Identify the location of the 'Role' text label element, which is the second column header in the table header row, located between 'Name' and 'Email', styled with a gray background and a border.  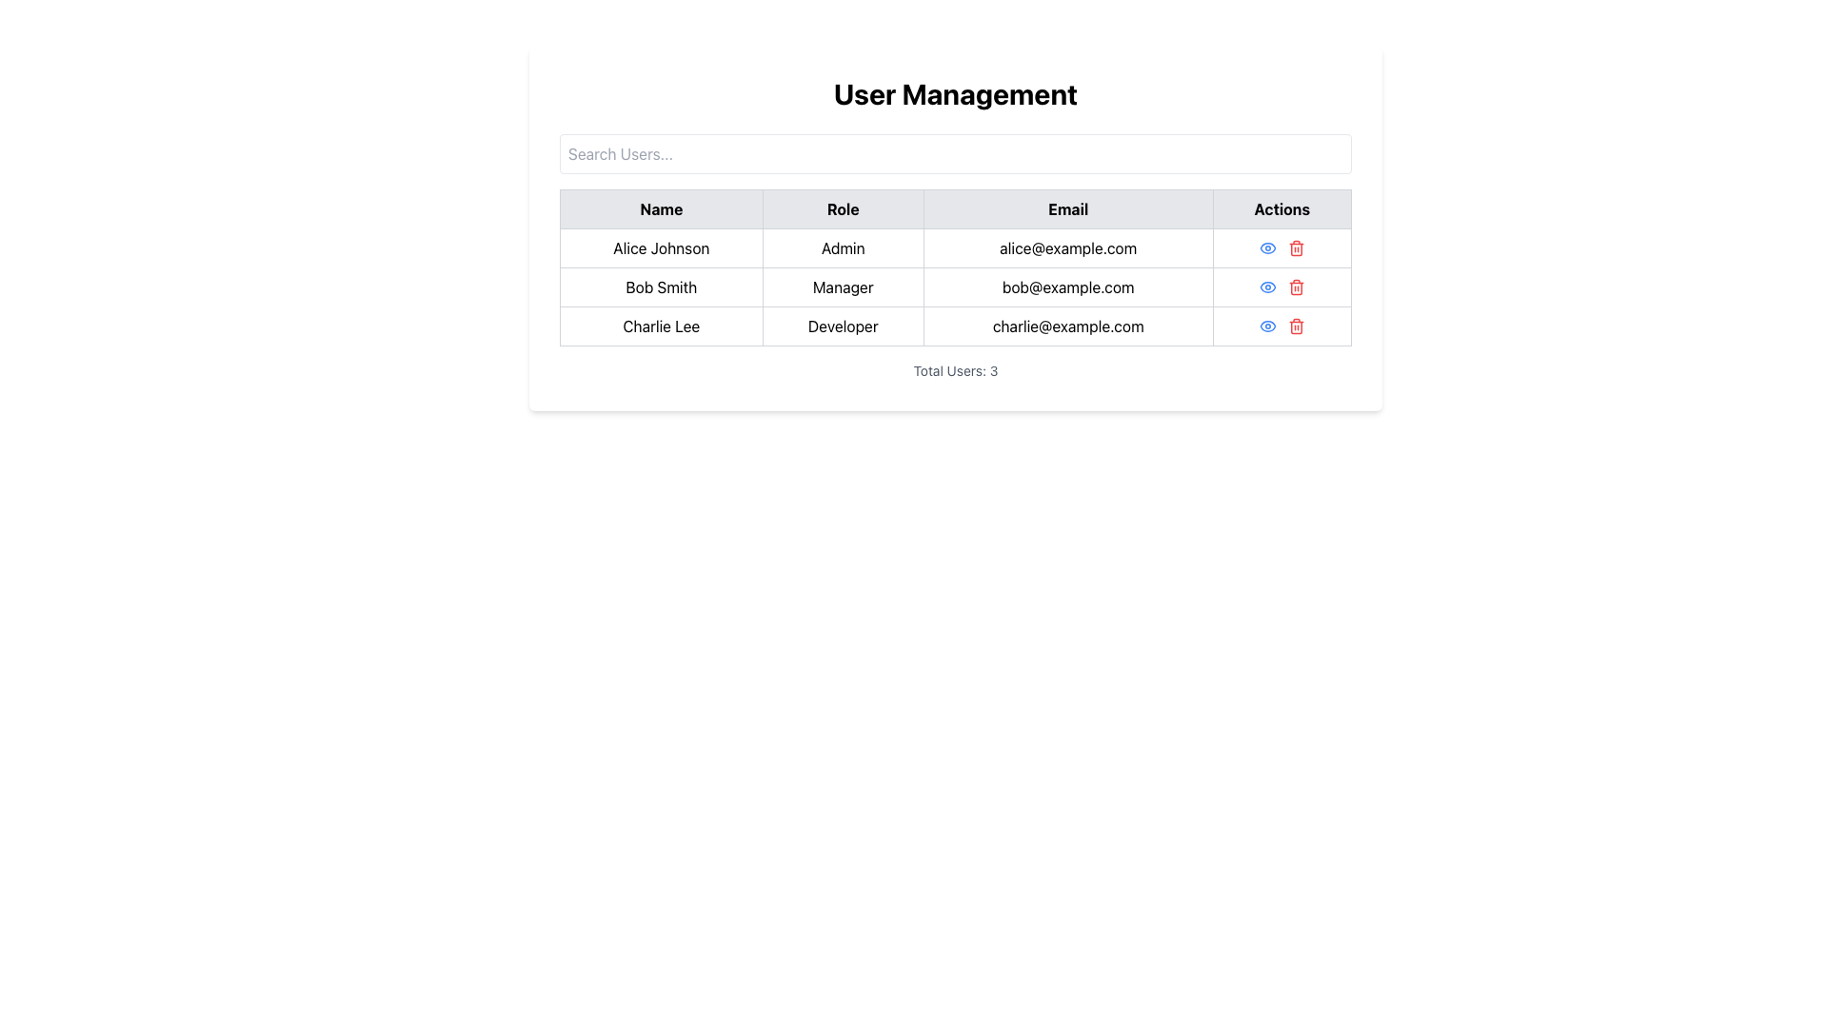
(842, 208).